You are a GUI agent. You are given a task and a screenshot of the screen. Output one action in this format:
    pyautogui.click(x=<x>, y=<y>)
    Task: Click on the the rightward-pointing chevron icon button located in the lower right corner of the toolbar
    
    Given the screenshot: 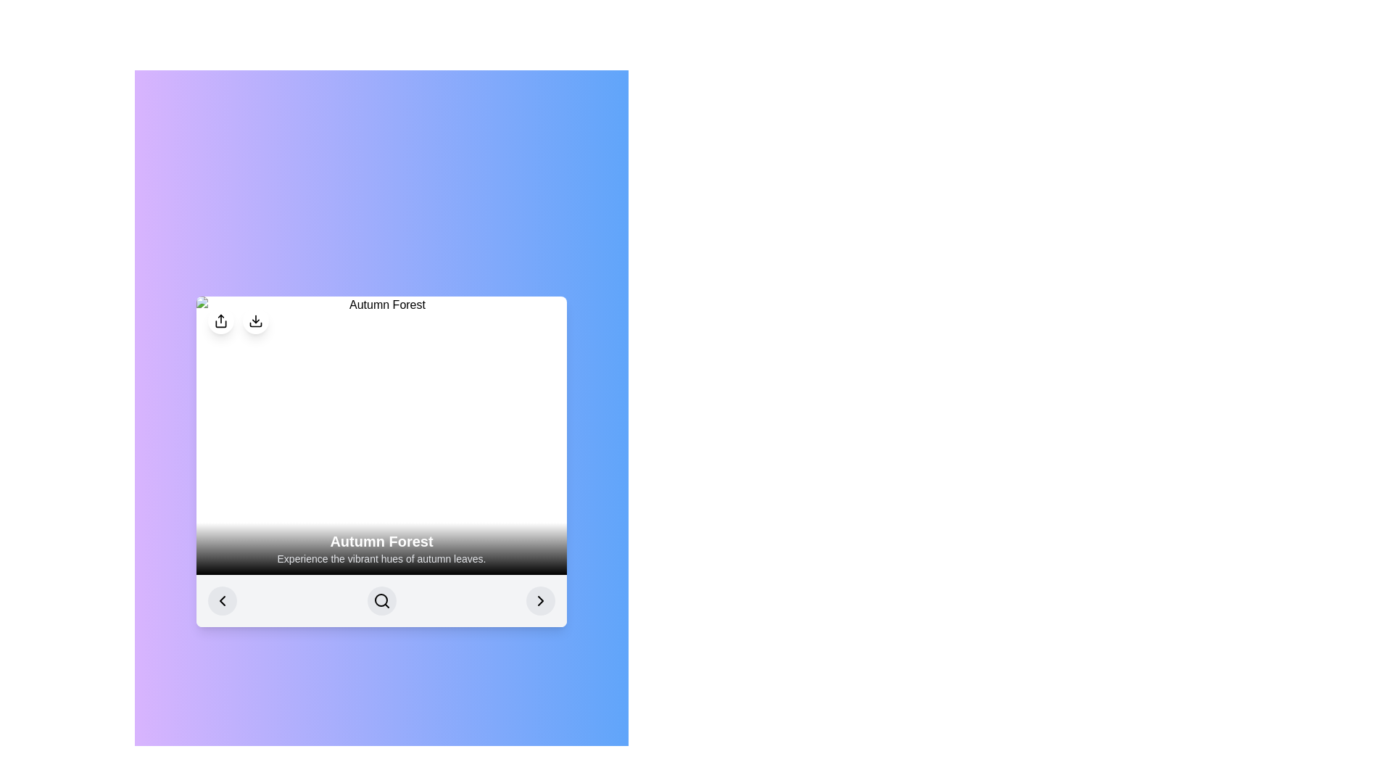 What is the action you would take?
    pyautogui.click(x=539, y=601)
    